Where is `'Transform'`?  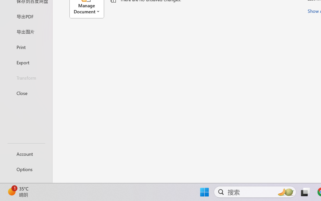
'Transform' is located at coordinates (26, 77).